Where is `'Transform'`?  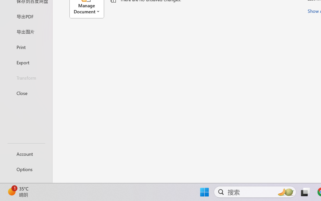
'Transform' is located at coordinates (26, 77).